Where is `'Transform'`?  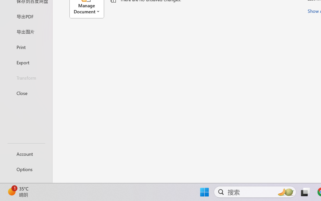
'Transform' is located at coordinates (26, 77).